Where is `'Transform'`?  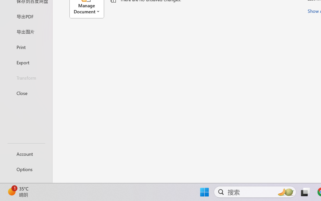
'Transform' is located at coordinates (26, 77).